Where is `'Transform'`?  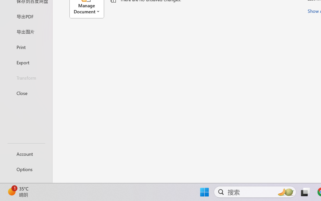
'Transform' is located at coordinates (26, 77).